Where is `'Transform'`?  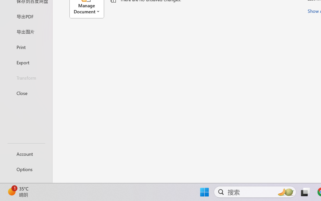
'Transform' is located at coordinates (26, 77).